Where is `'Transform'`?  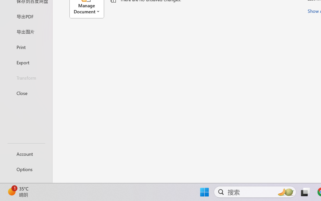
'Transform' is located at coordinates (26, 77).